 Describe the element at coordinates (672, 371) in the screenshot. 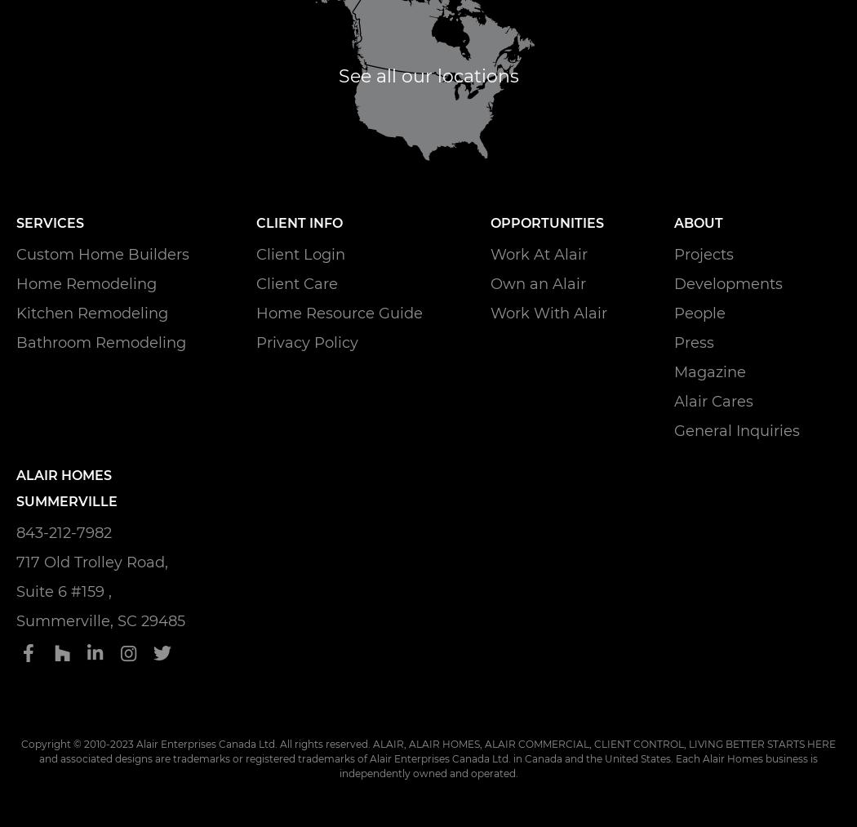

I see `'Magazine'` at that location.